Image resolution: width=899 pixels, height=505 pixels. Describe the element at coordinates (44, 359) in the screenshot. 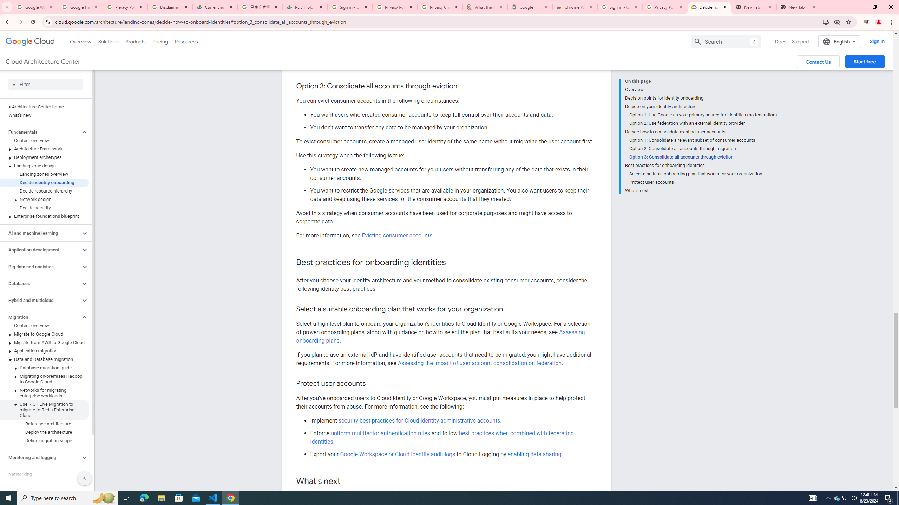

I see `'Data and Database migration'` at that location.